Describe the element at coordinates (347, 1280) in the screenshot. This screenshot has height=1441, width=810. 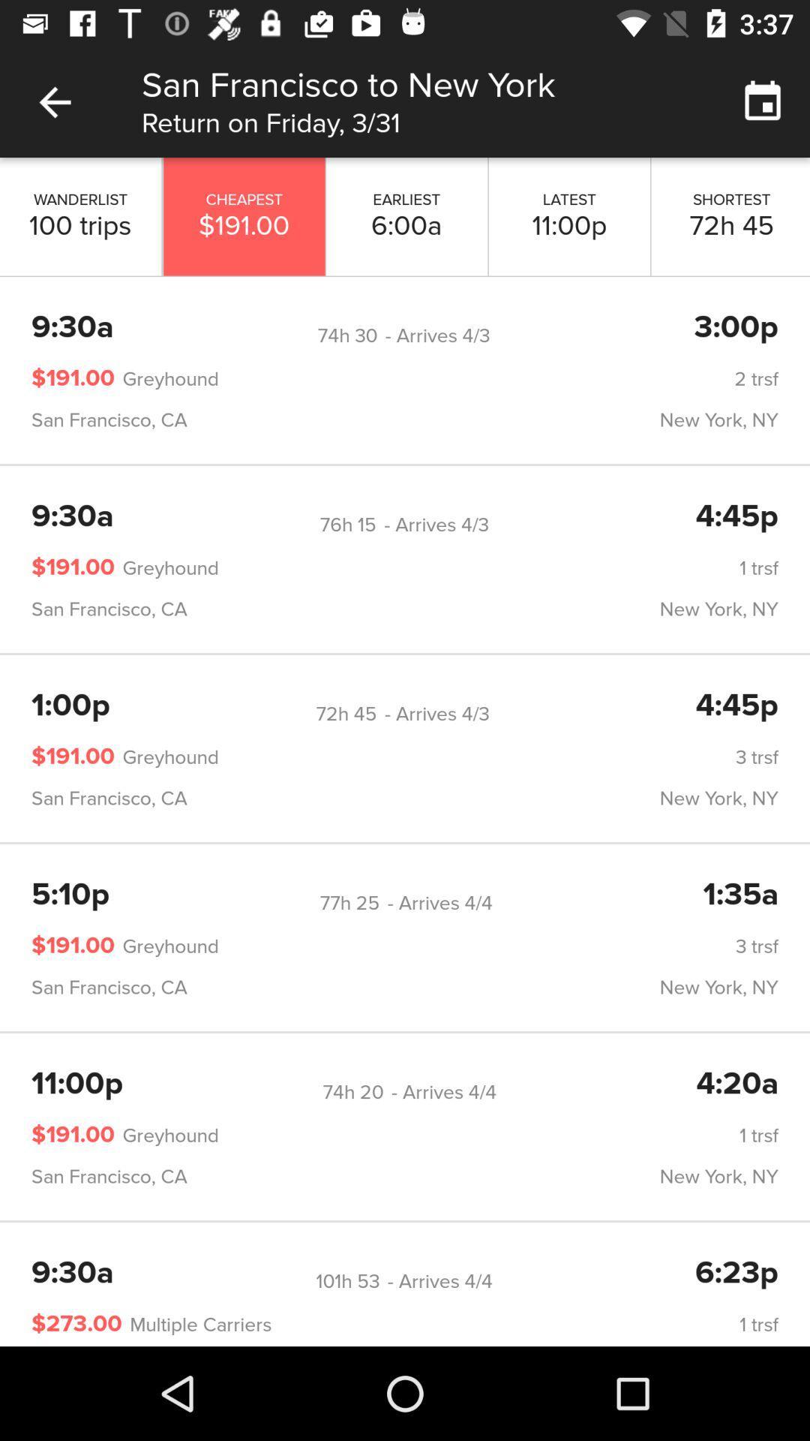
I see `item next to the 9:30a` at that location.